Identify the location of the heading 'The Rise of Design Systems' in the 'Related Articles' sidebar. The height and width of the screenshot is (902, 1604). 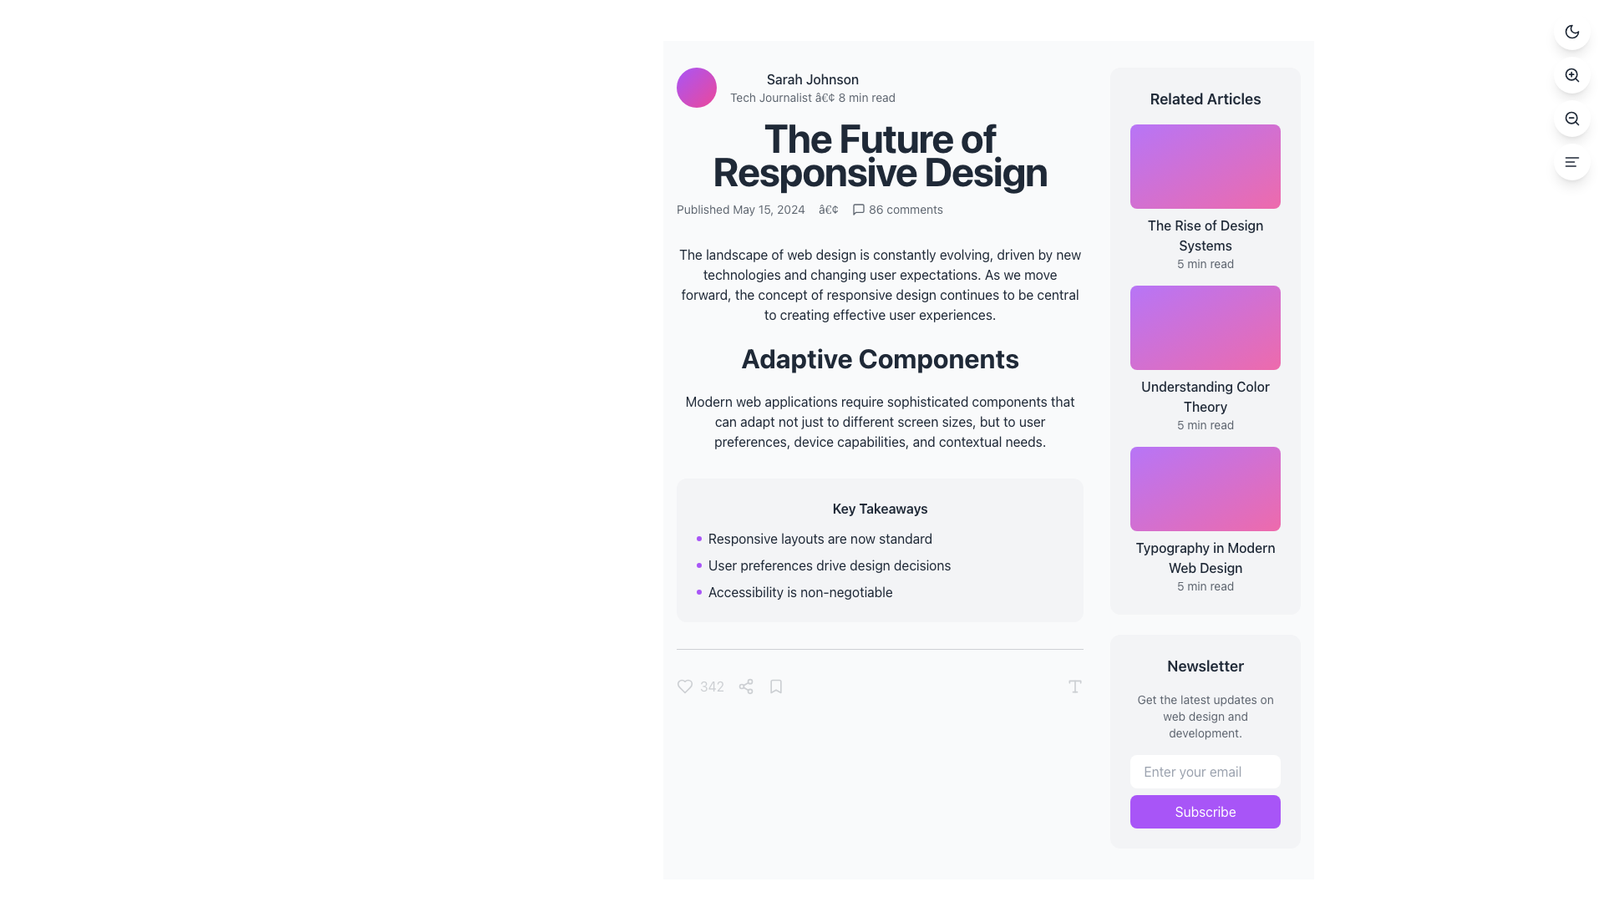
(1206, 236).